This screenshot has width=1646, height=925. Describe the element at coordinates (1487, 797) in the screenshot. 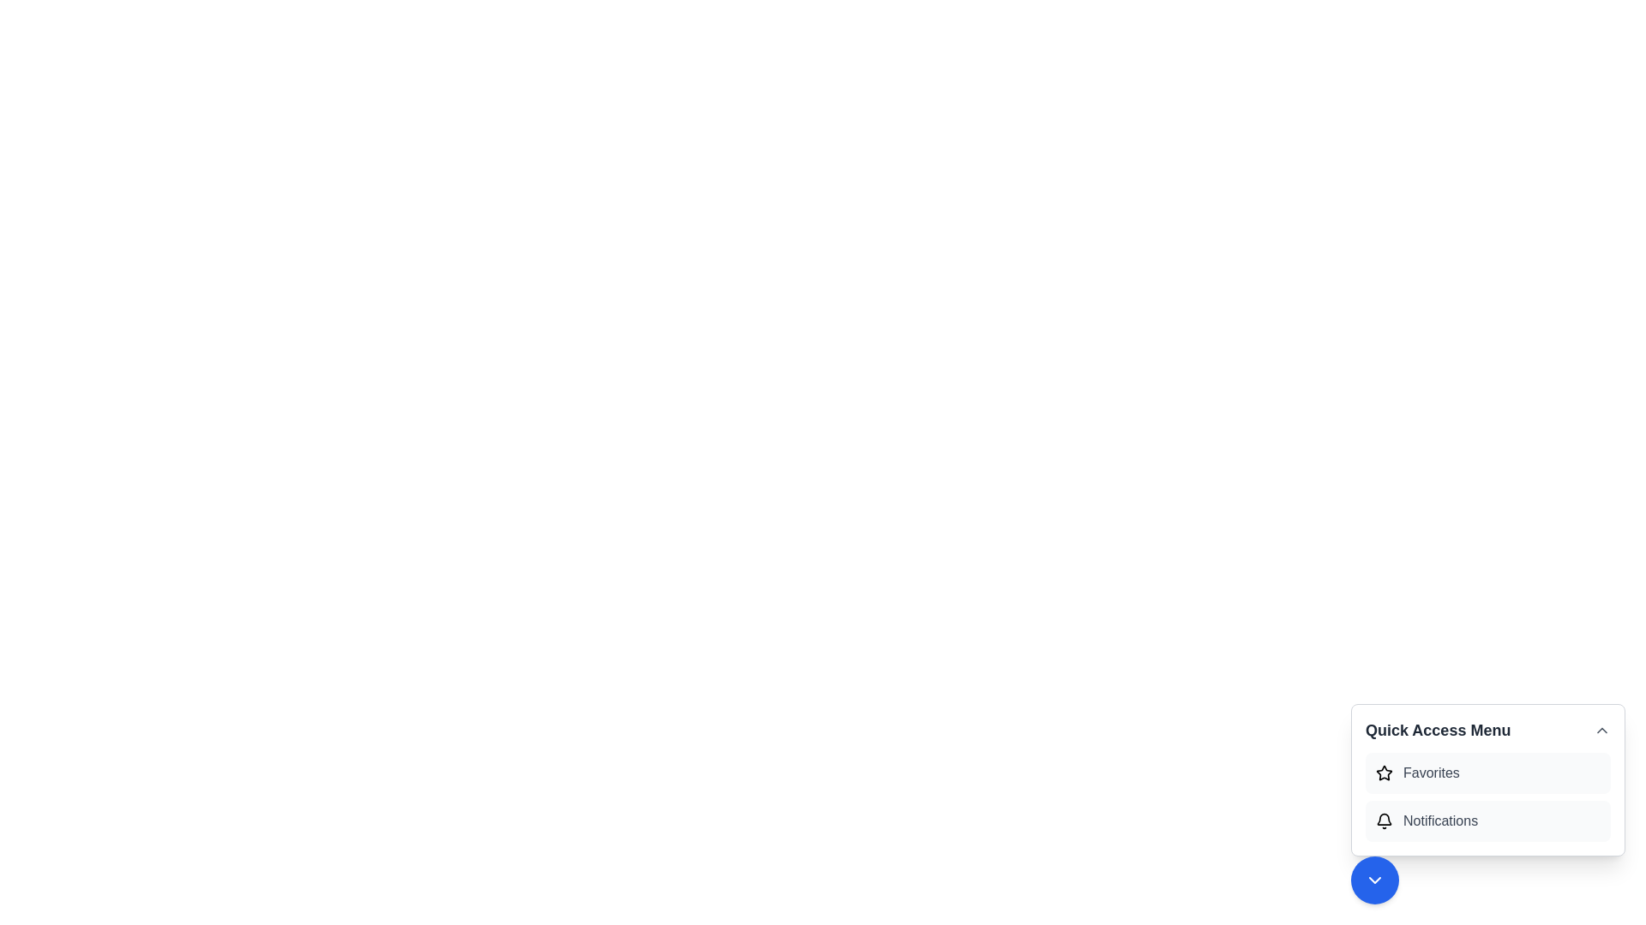

I see `the 'Favorites' and 'Notifications' options in the Quick Access Menu` at that location.